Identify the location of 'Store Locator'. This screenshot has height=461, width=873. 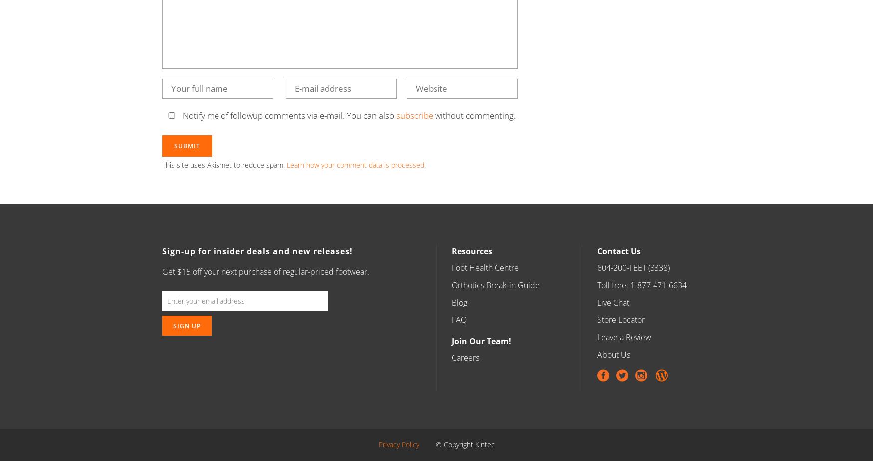
(620, 319).